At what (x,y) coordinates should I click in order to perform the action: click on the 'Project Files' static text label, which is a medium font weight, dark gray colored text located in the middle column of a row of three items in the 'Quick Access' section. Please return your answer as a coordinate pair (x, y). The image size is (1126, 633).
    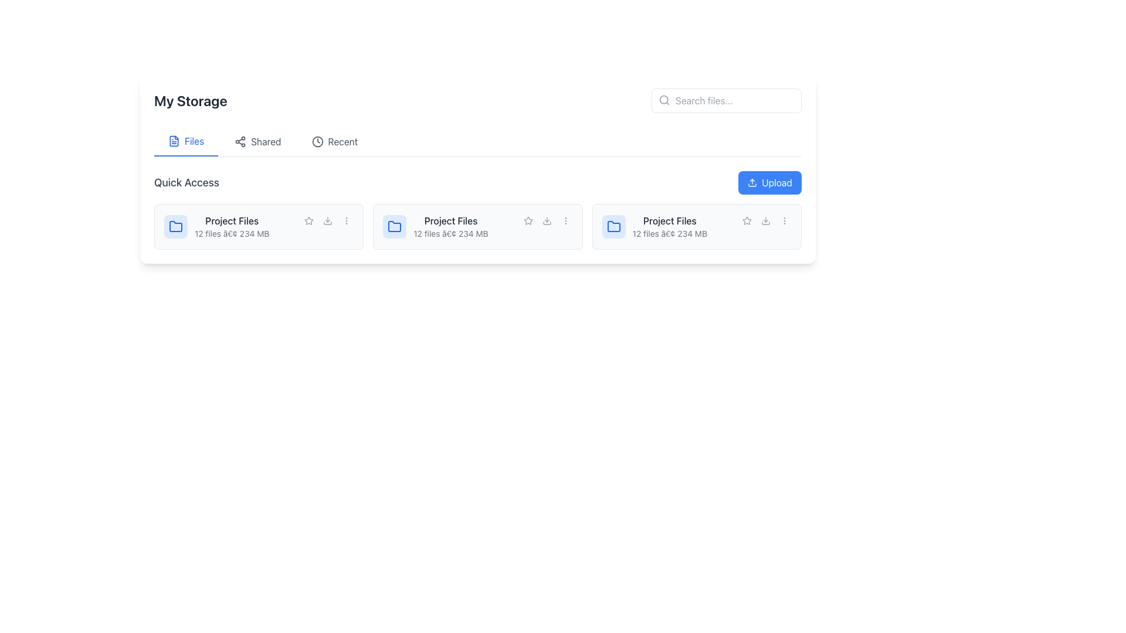
    Looking at the image, I should click on (450, 221).